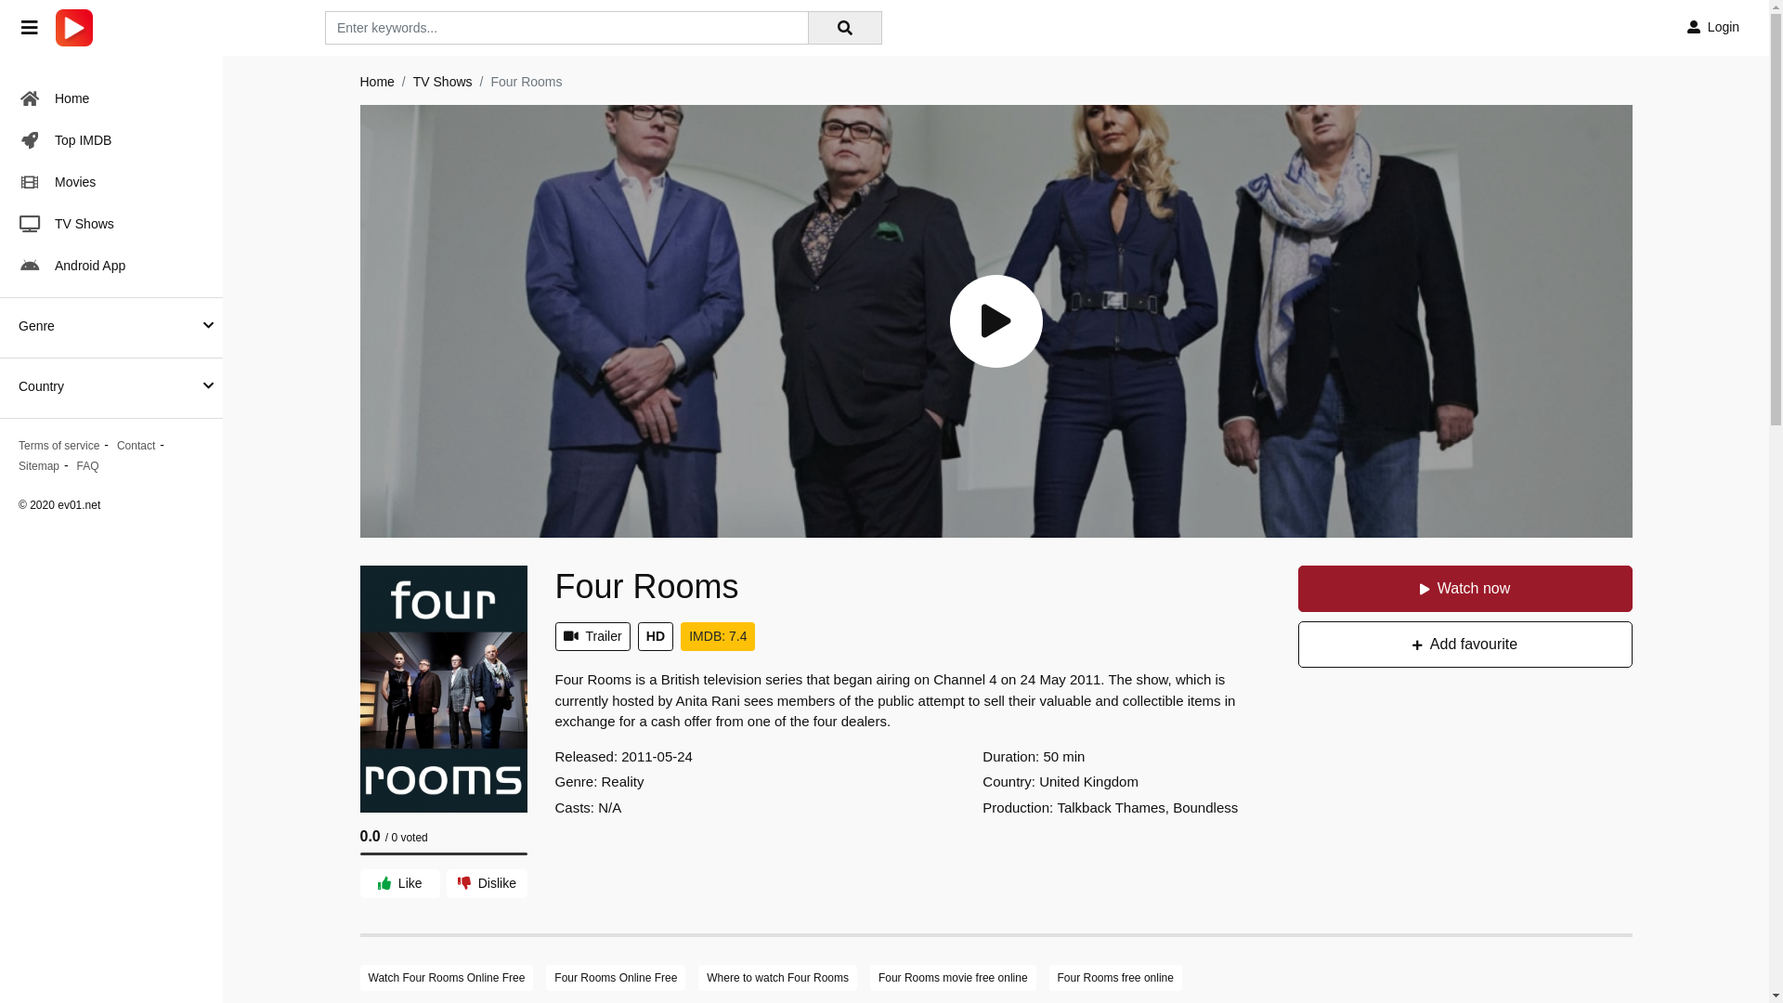 This screenshot has height=1003, width=1783. What do you see at coordinates (1056, 806) in the screenshot?
I see `'Talkback Thames'` at bounding box center [1056, 806].